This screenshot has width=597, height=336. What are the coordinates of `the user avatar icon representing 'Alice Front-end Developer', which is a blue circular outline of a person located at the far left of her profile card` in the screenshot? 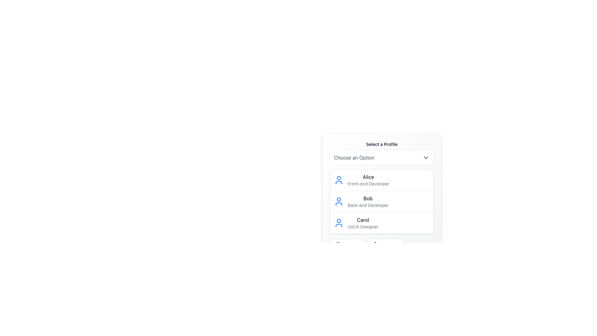 It's located at (338, 180).